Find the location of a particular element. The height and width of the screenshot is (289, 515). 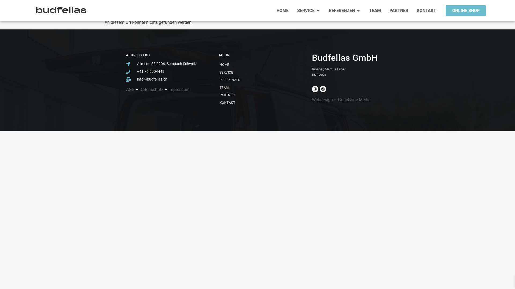

'Datenschutz' is located at coordinates (151, 89).